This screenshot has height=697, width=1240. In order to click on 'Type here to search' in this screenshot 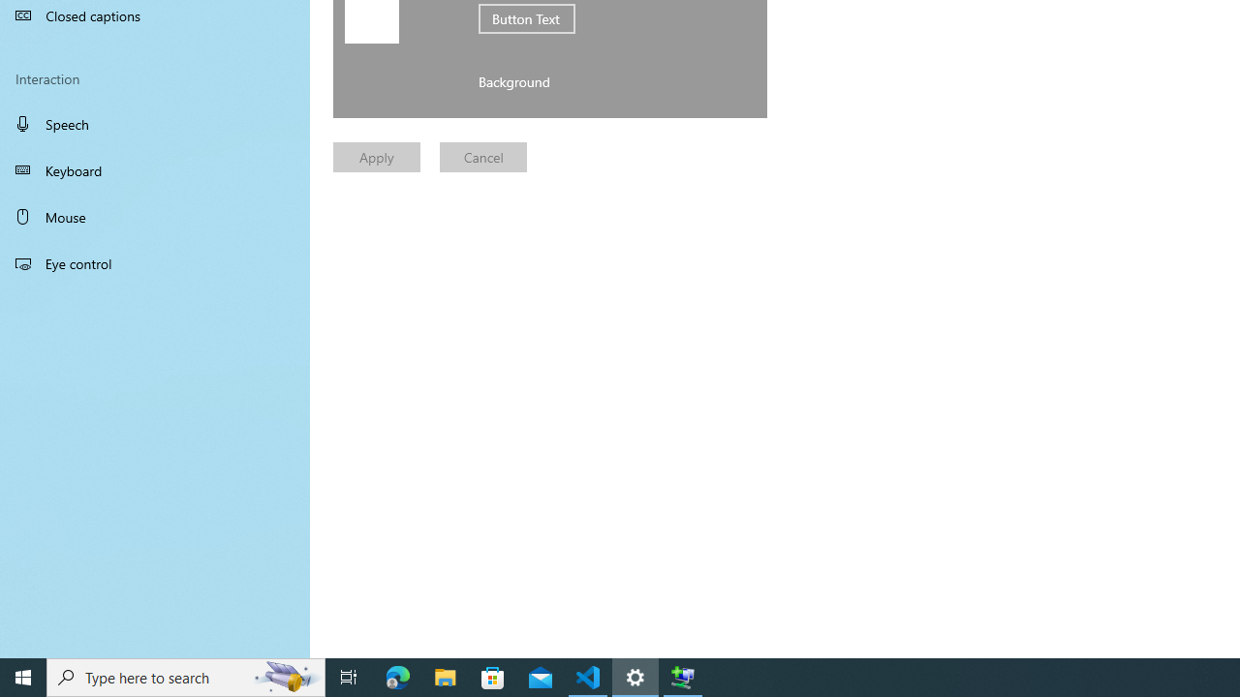, I will do `click(186, 676)`.